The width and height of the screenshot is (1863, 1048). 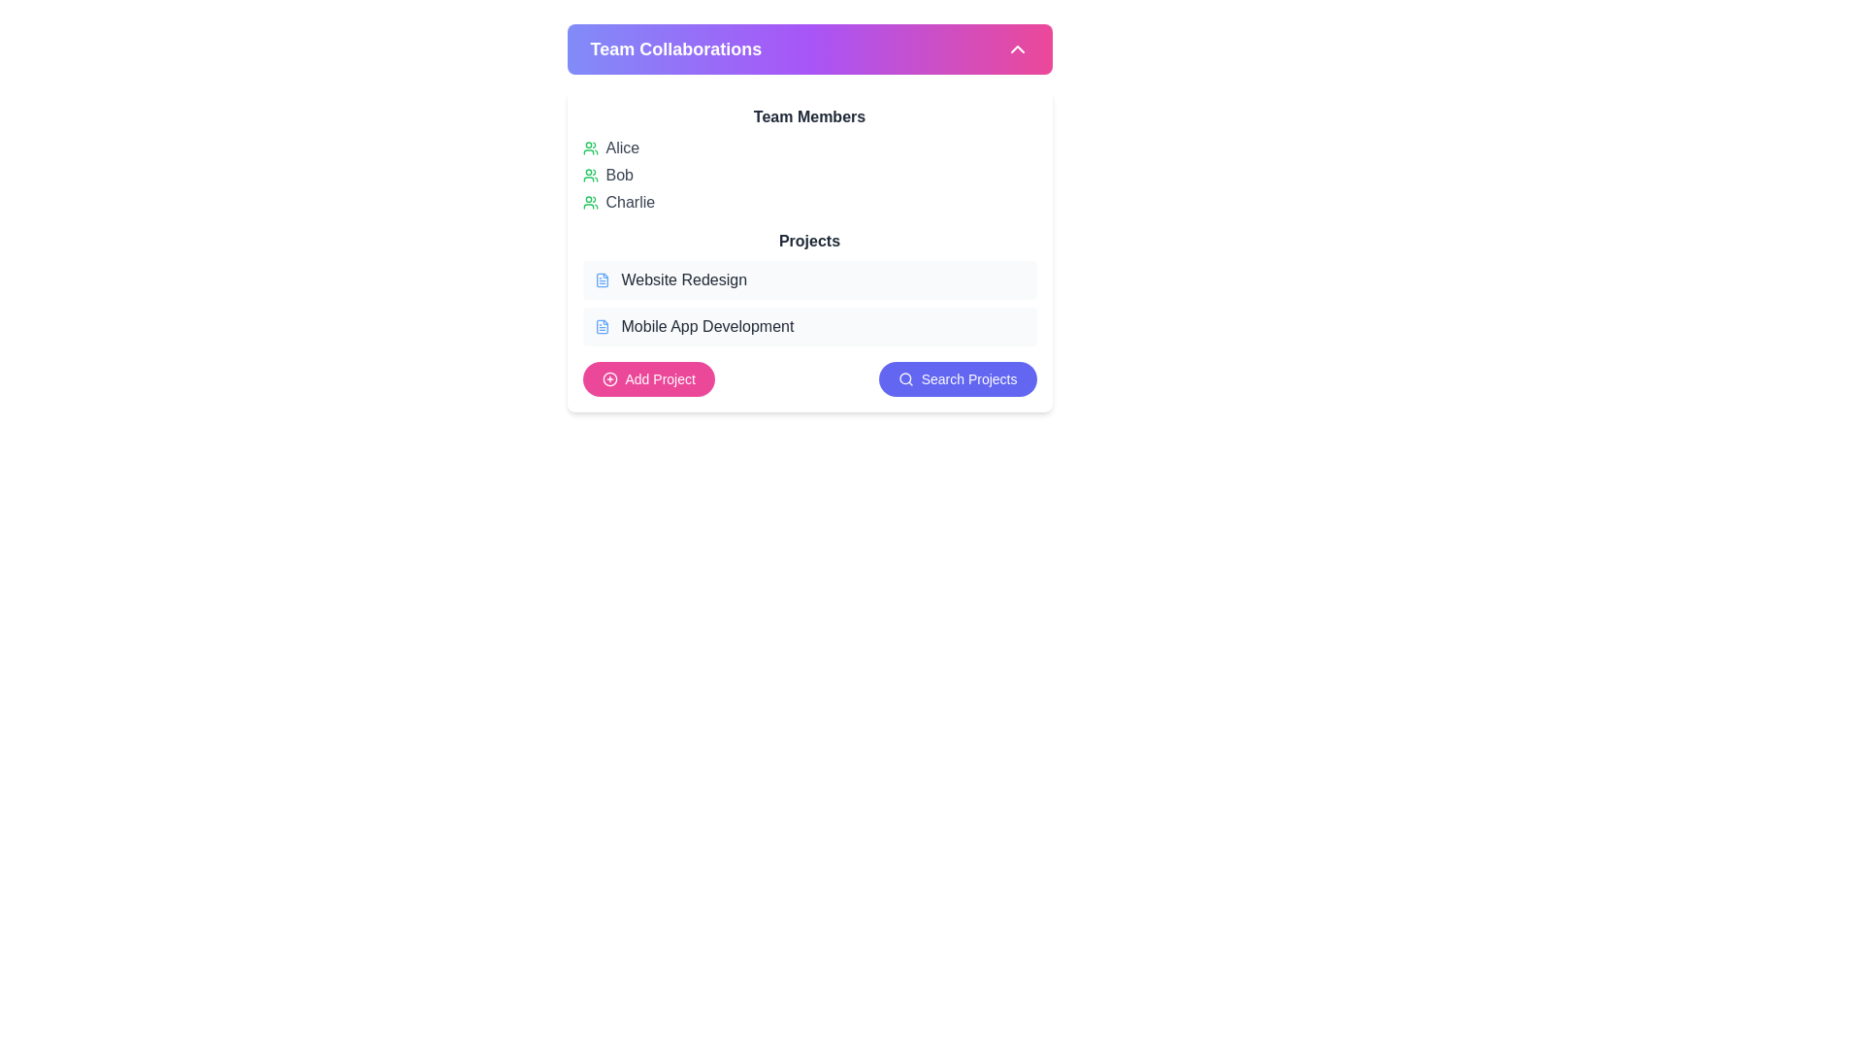 What do you see at coordinates (903, 378) in the screenshot?
I see `the inner circular part of the search icon, which symbolizes search functionality` at bounding box center [903, 378].